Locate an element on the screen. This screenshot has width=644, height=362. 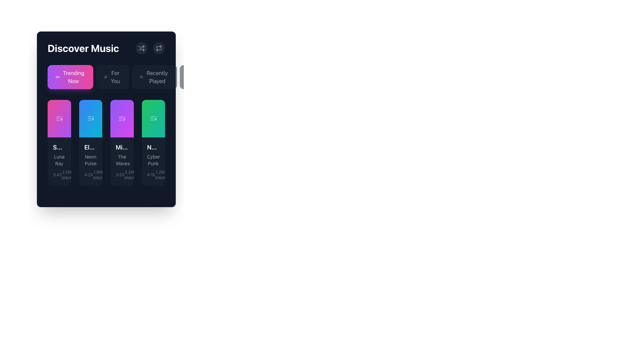
the triangular play button icon within the first card of the 'Discover Music' section is located at coordinates (59, 118).